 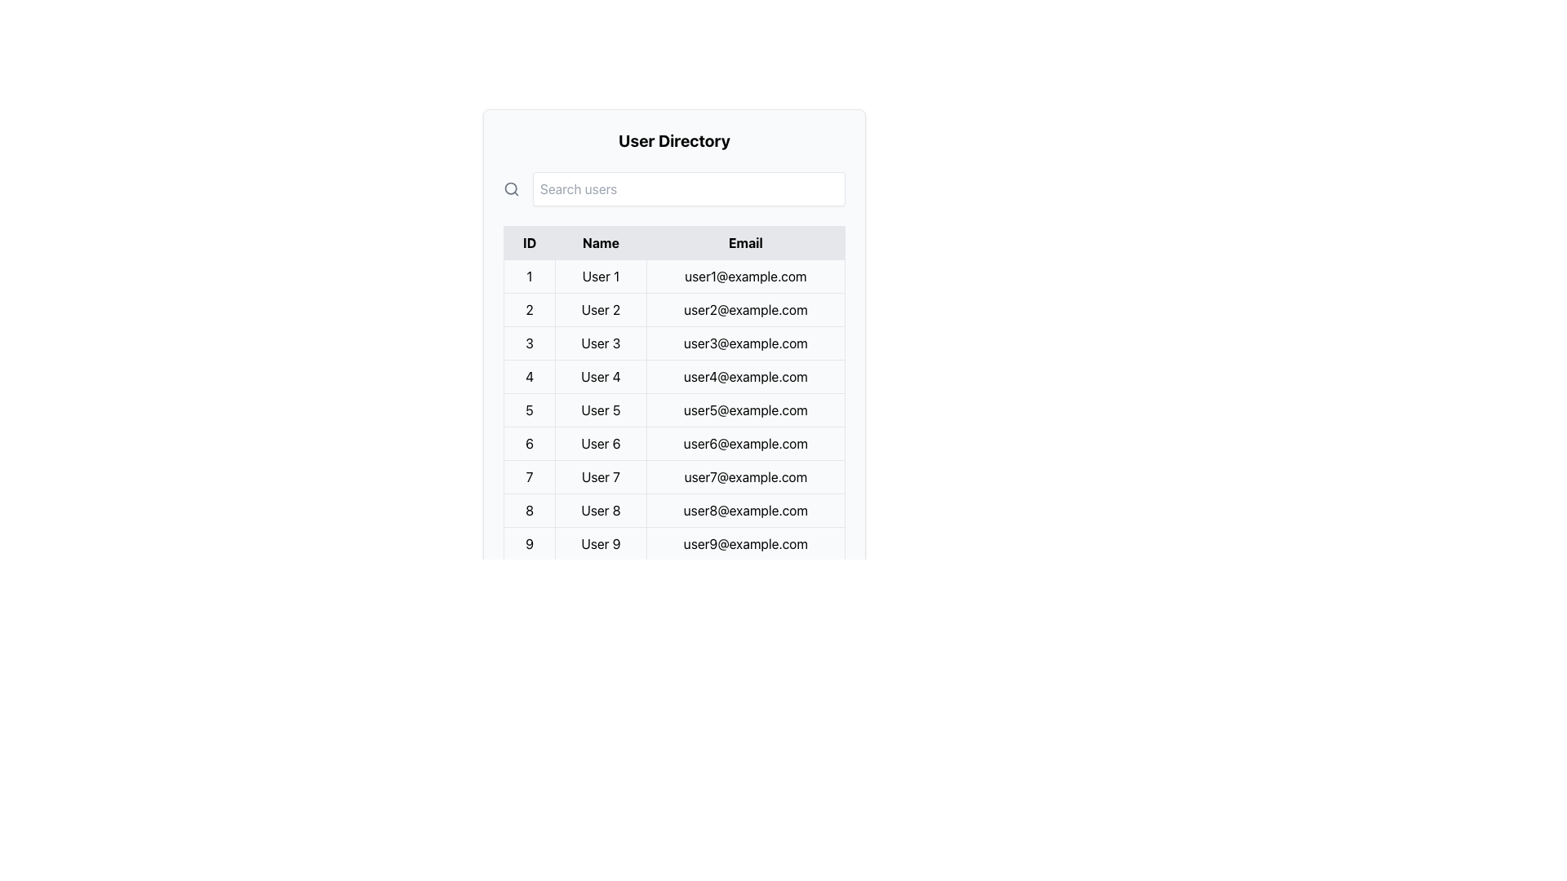 What do you see at coordinates (674, 443) in the screenshot?
I see `the email address 'user6@example.com' in the sixth row of the table, which contains 'User 6' in the second column and is visually aligned with other rows` at bounding box center [674, 443].